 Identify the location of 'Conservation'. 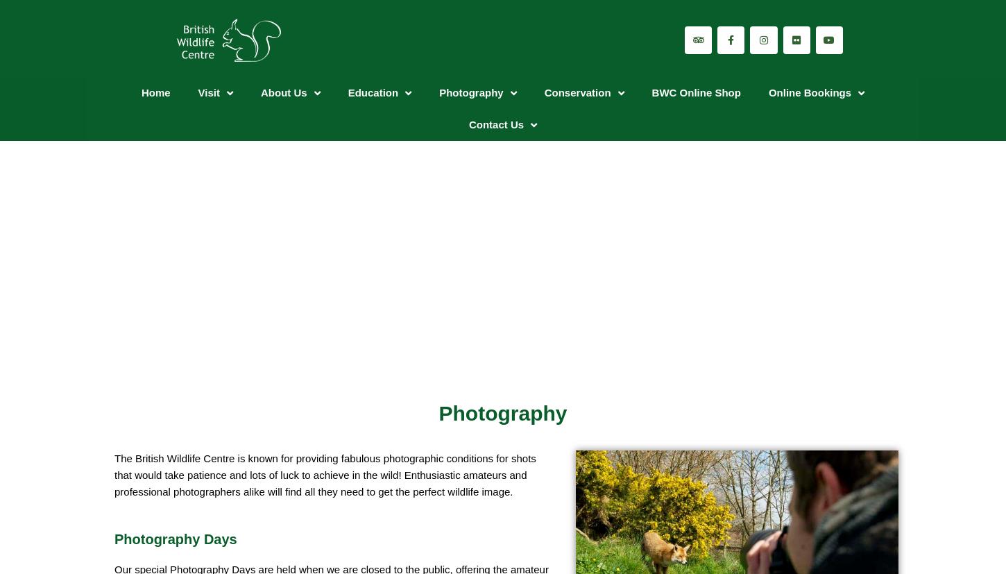
(577, 92).